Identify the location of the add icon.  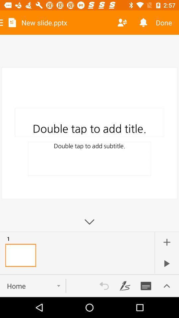
(166, 242).